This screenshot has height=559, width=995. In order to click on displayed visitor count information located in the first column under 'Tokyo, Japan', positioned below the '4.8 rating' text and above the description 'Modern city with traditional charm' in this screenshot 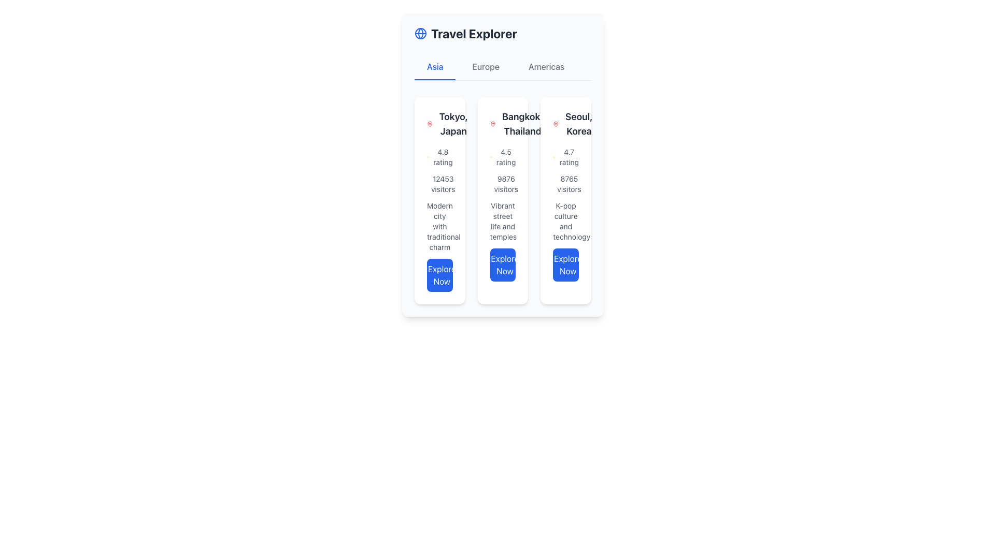, I will do `click(439, 183)`.